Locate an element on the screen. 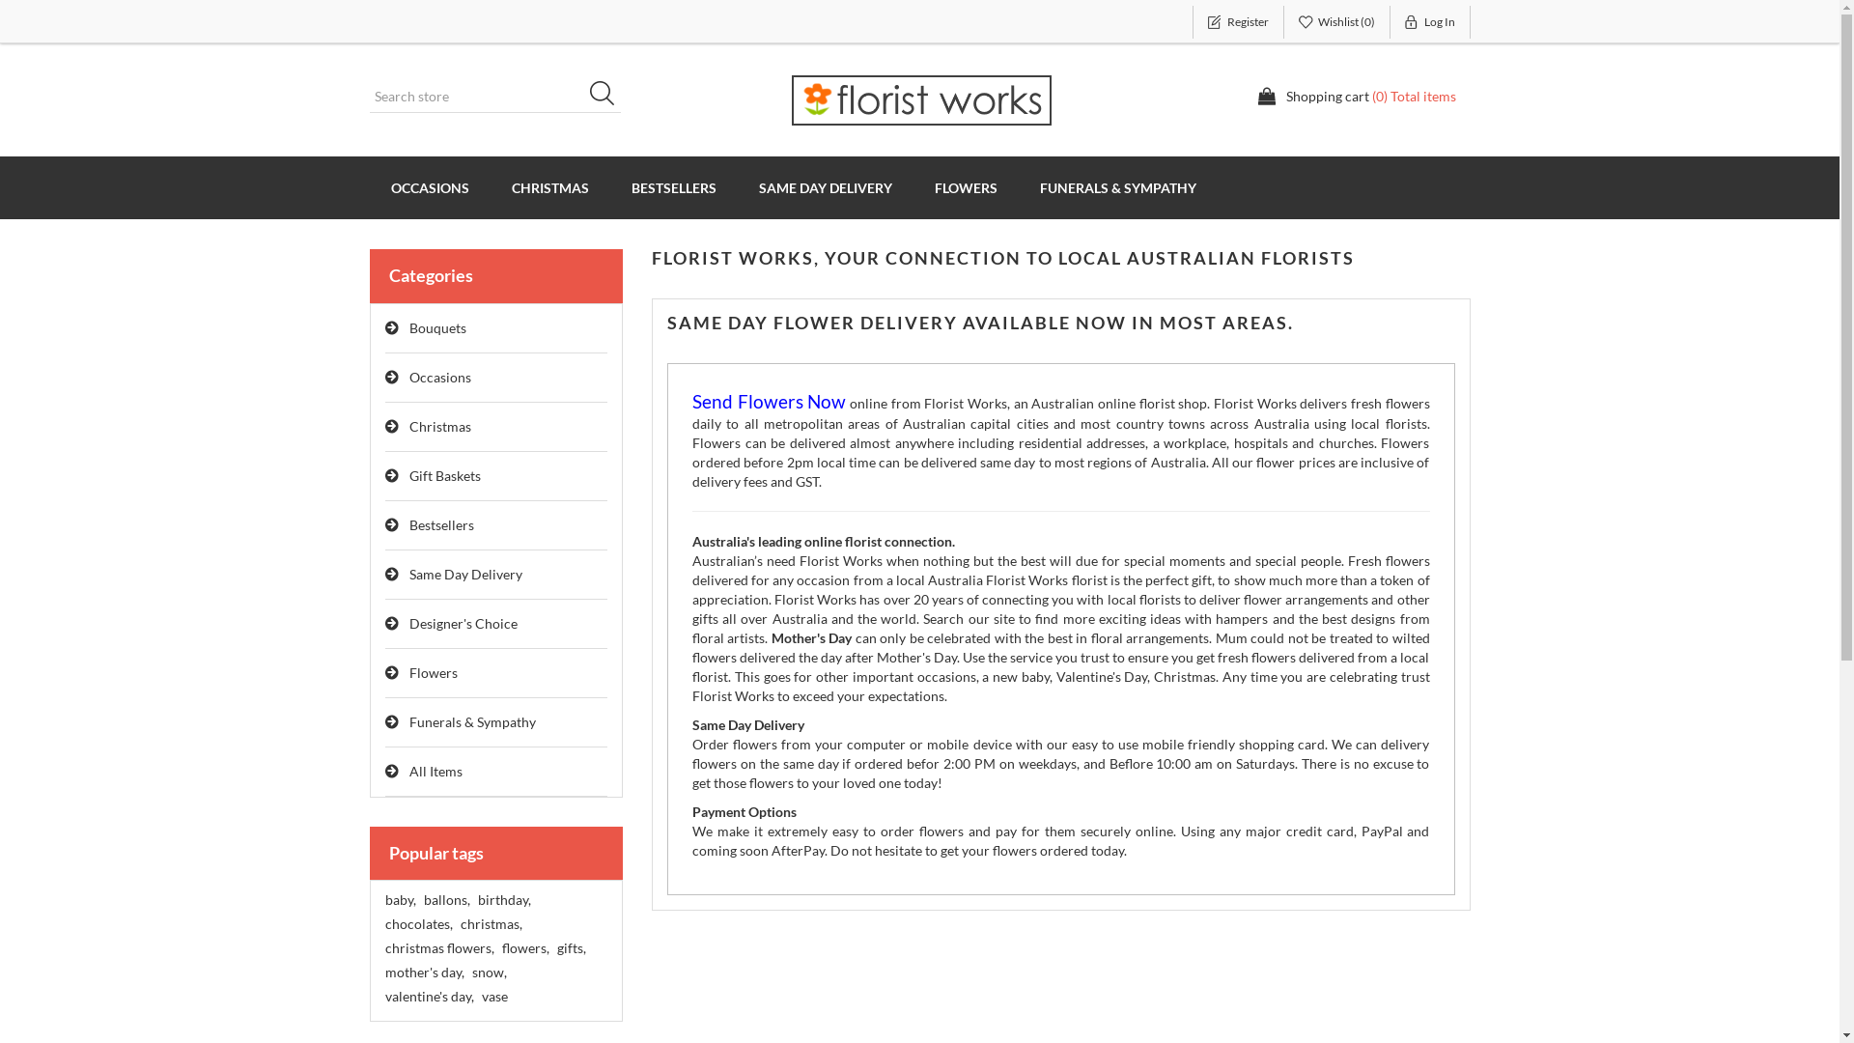 The width and height of the screenshot is (1854, 1043). 'valentine's day,' is located at coordinates (428, 997).